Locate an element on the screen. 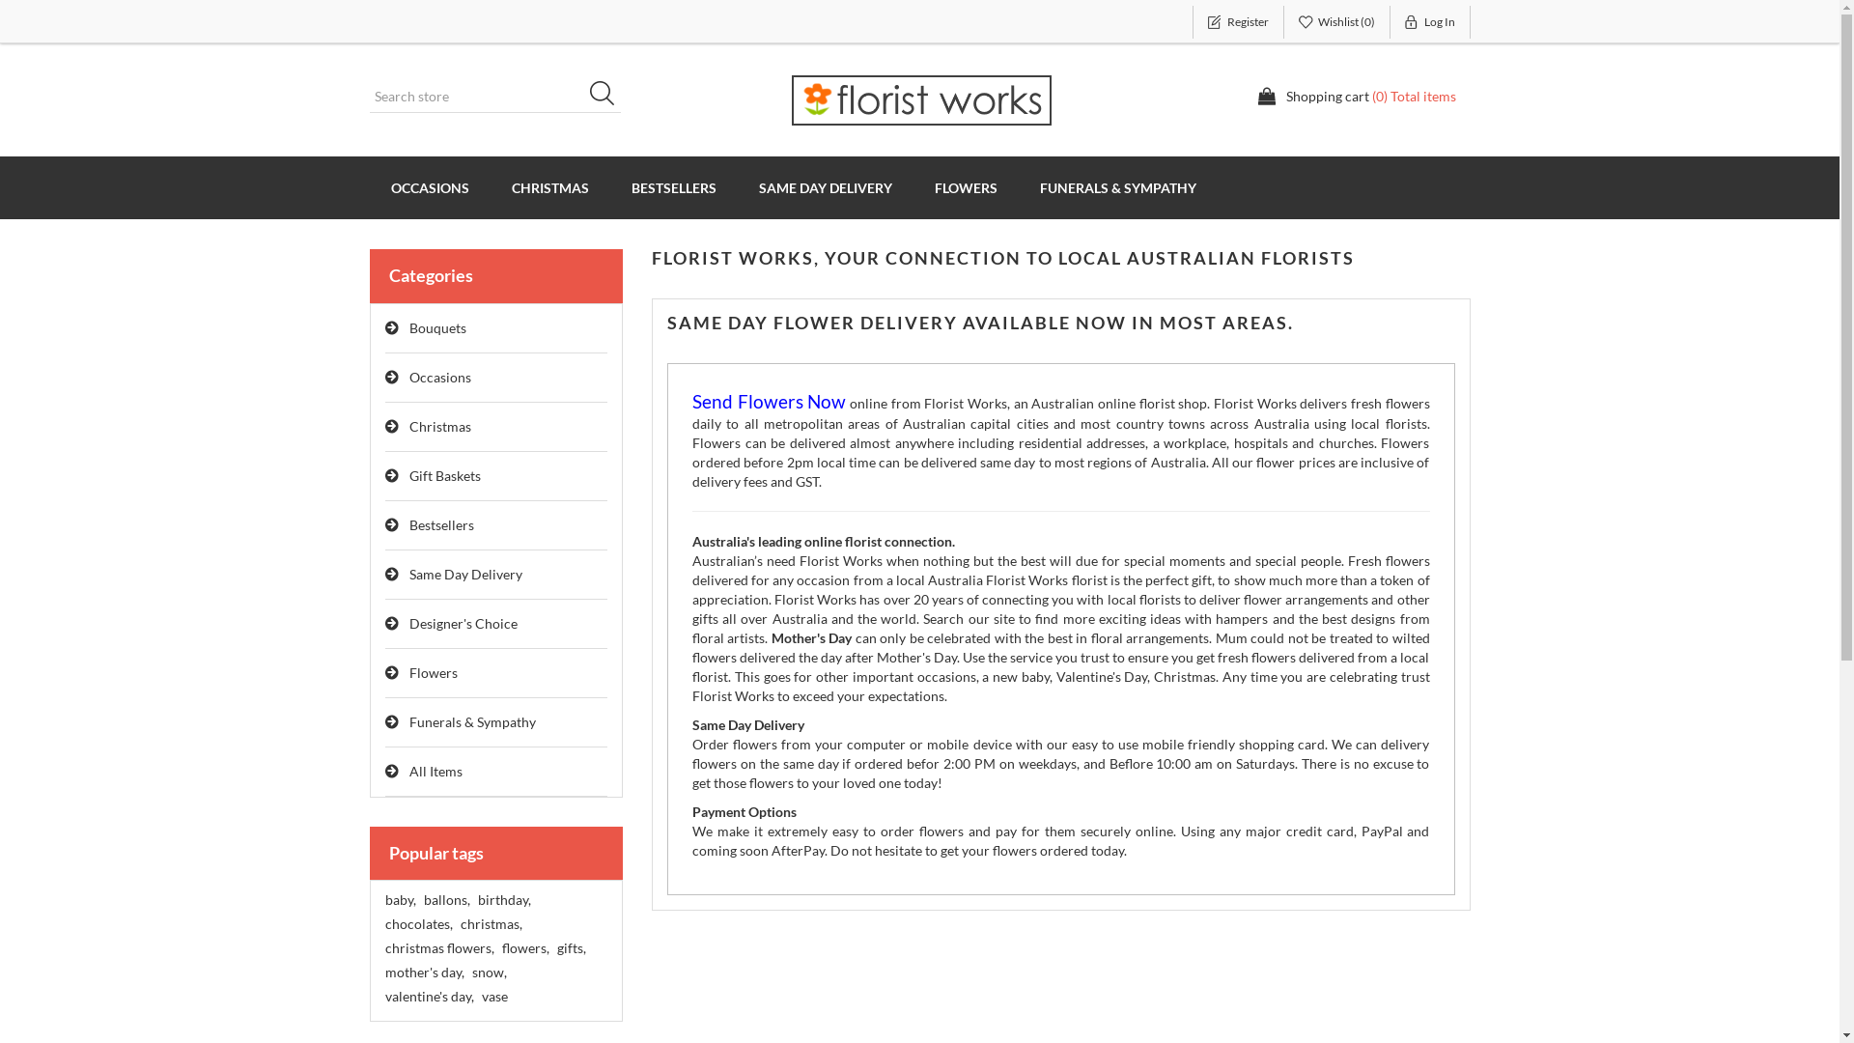 The width and height of the screenshot is (1854, 1043). 'valentine's day,' is located at coordinates (428, 997).